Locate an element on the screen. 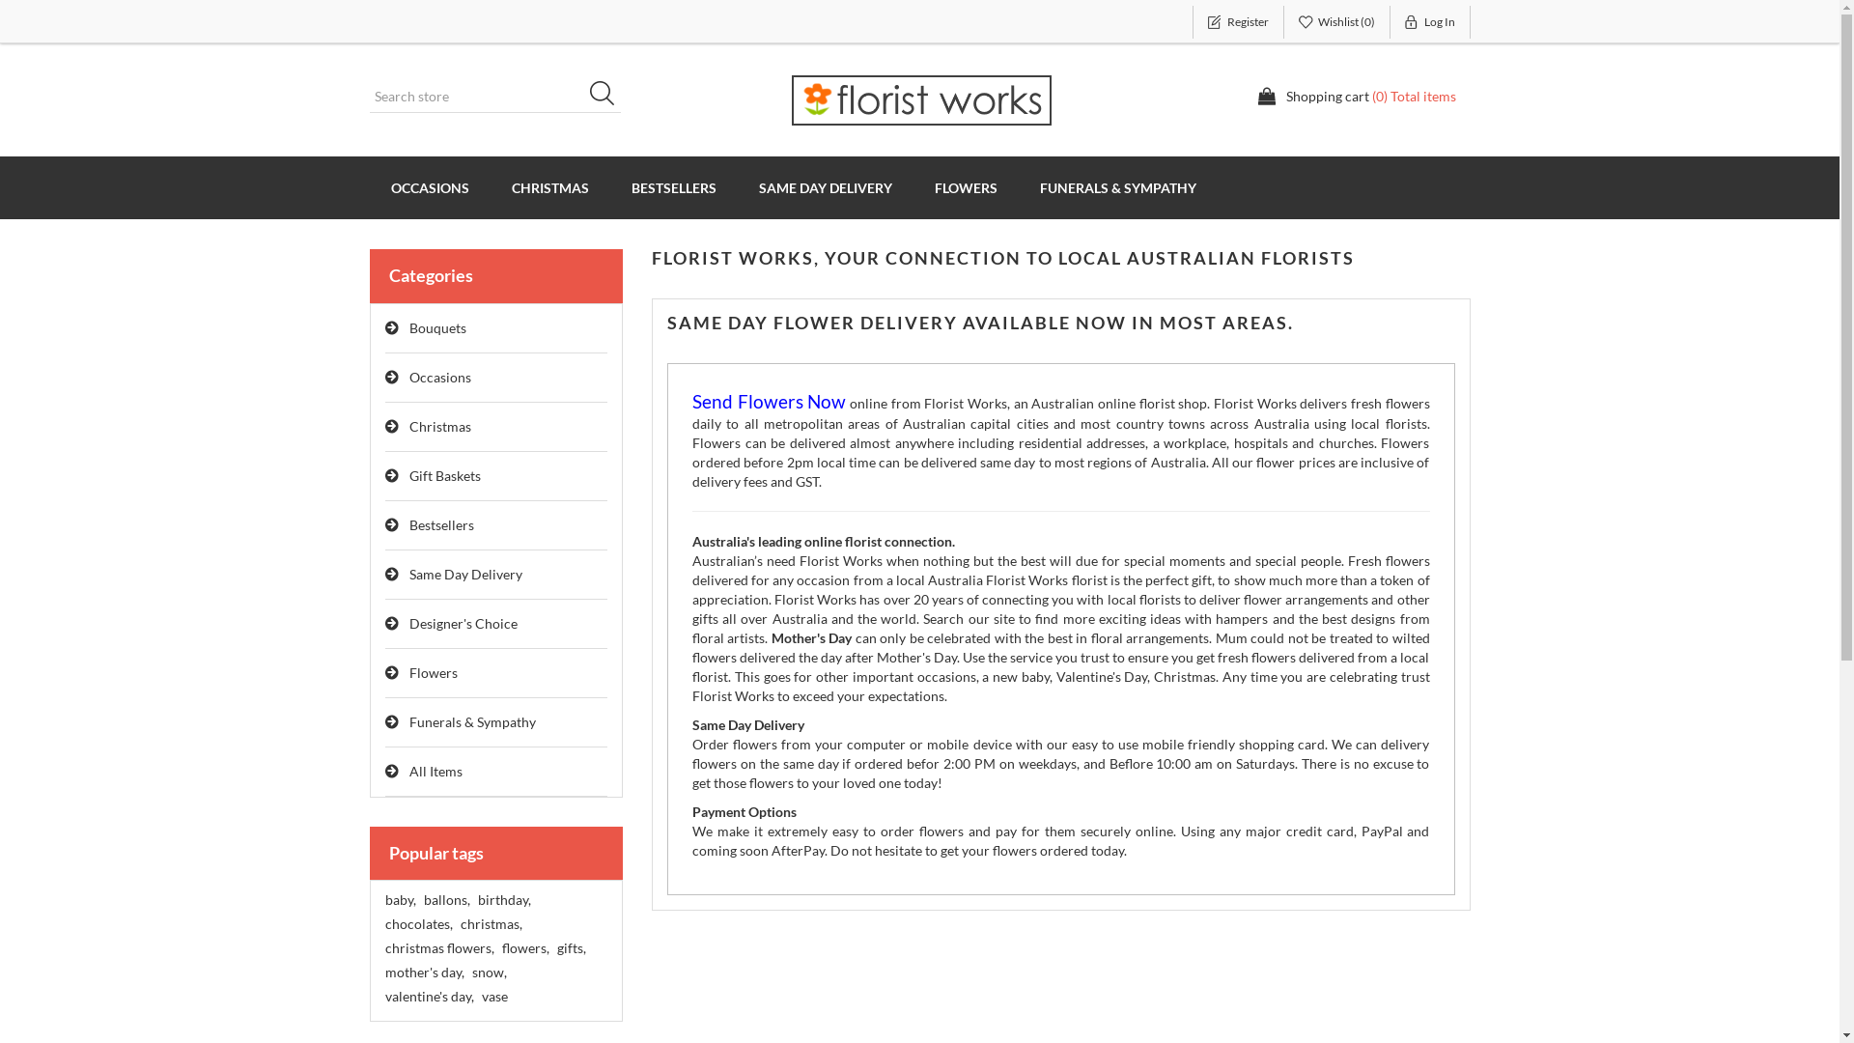 The width and height of the screenshot is (1854, 1043). 'valentine's day,' is located at coordinates (428, 997).